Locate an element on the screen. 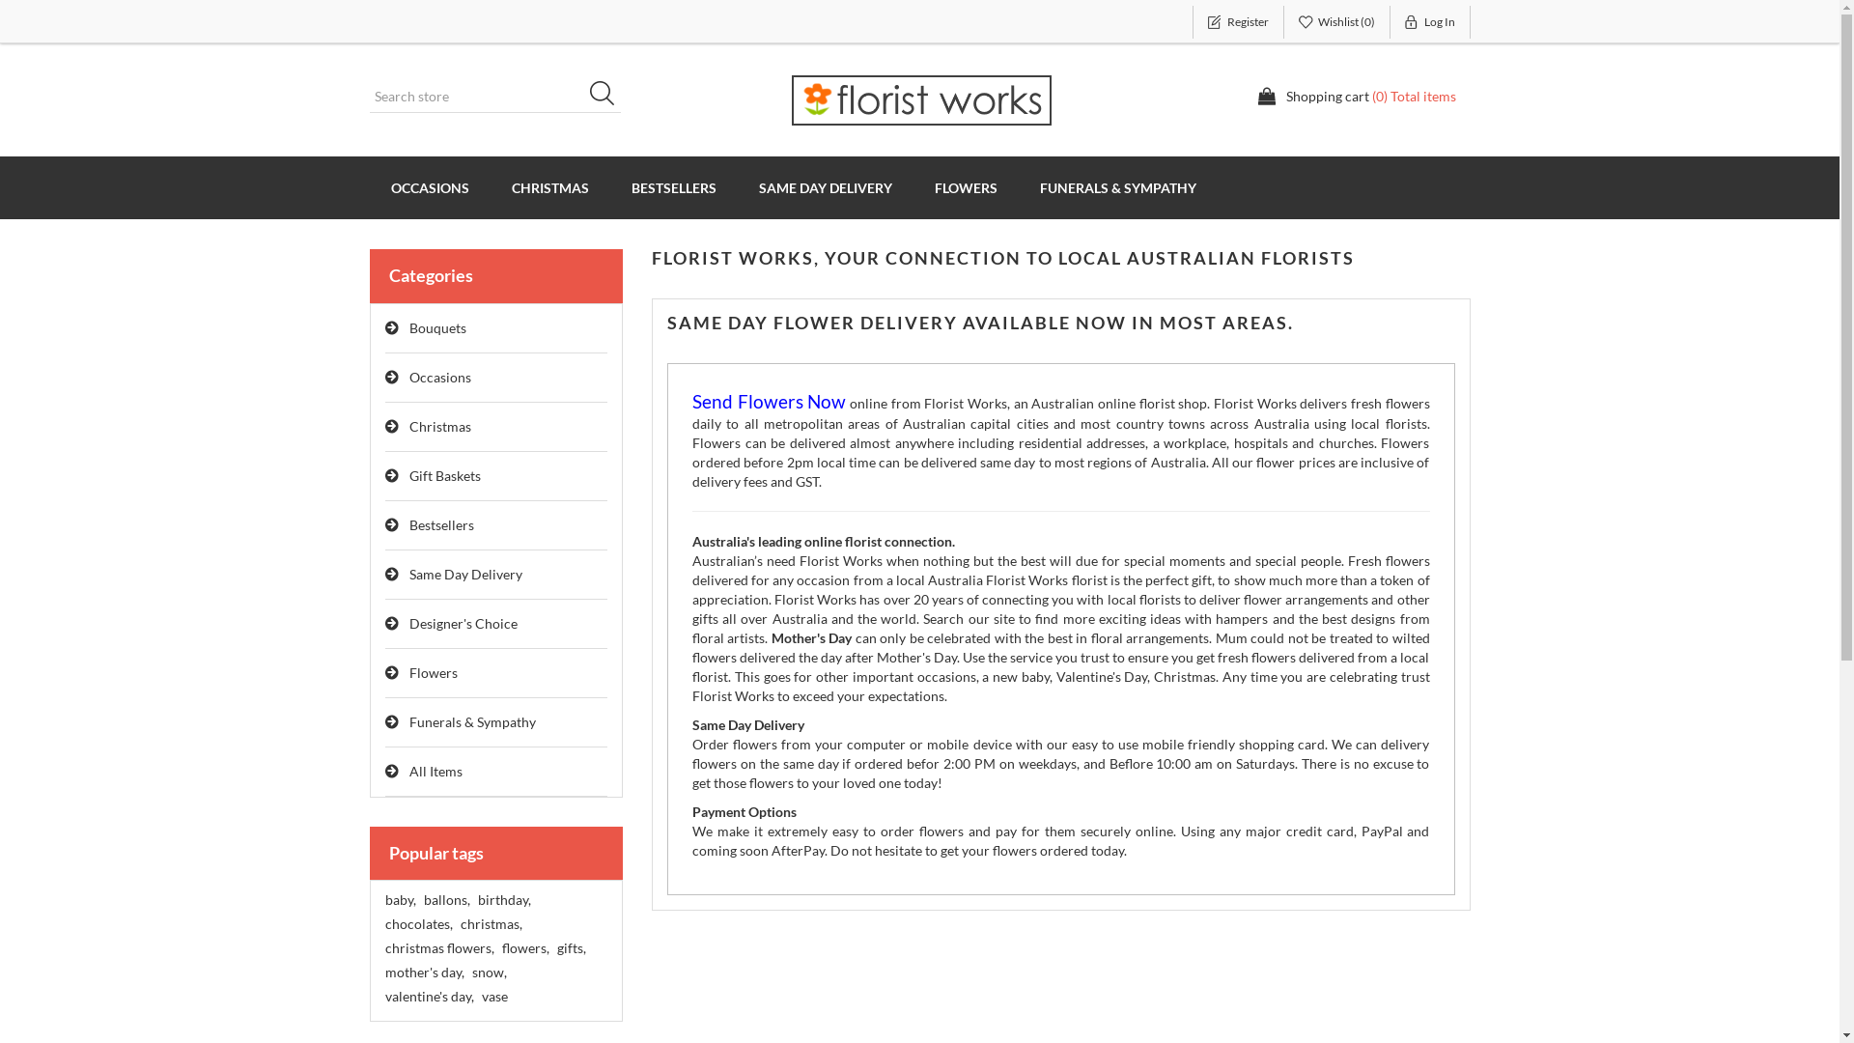 The width and height of the screenshot is (1854, 1043). 'valentine's day,' is located at coordinates (428, 997).